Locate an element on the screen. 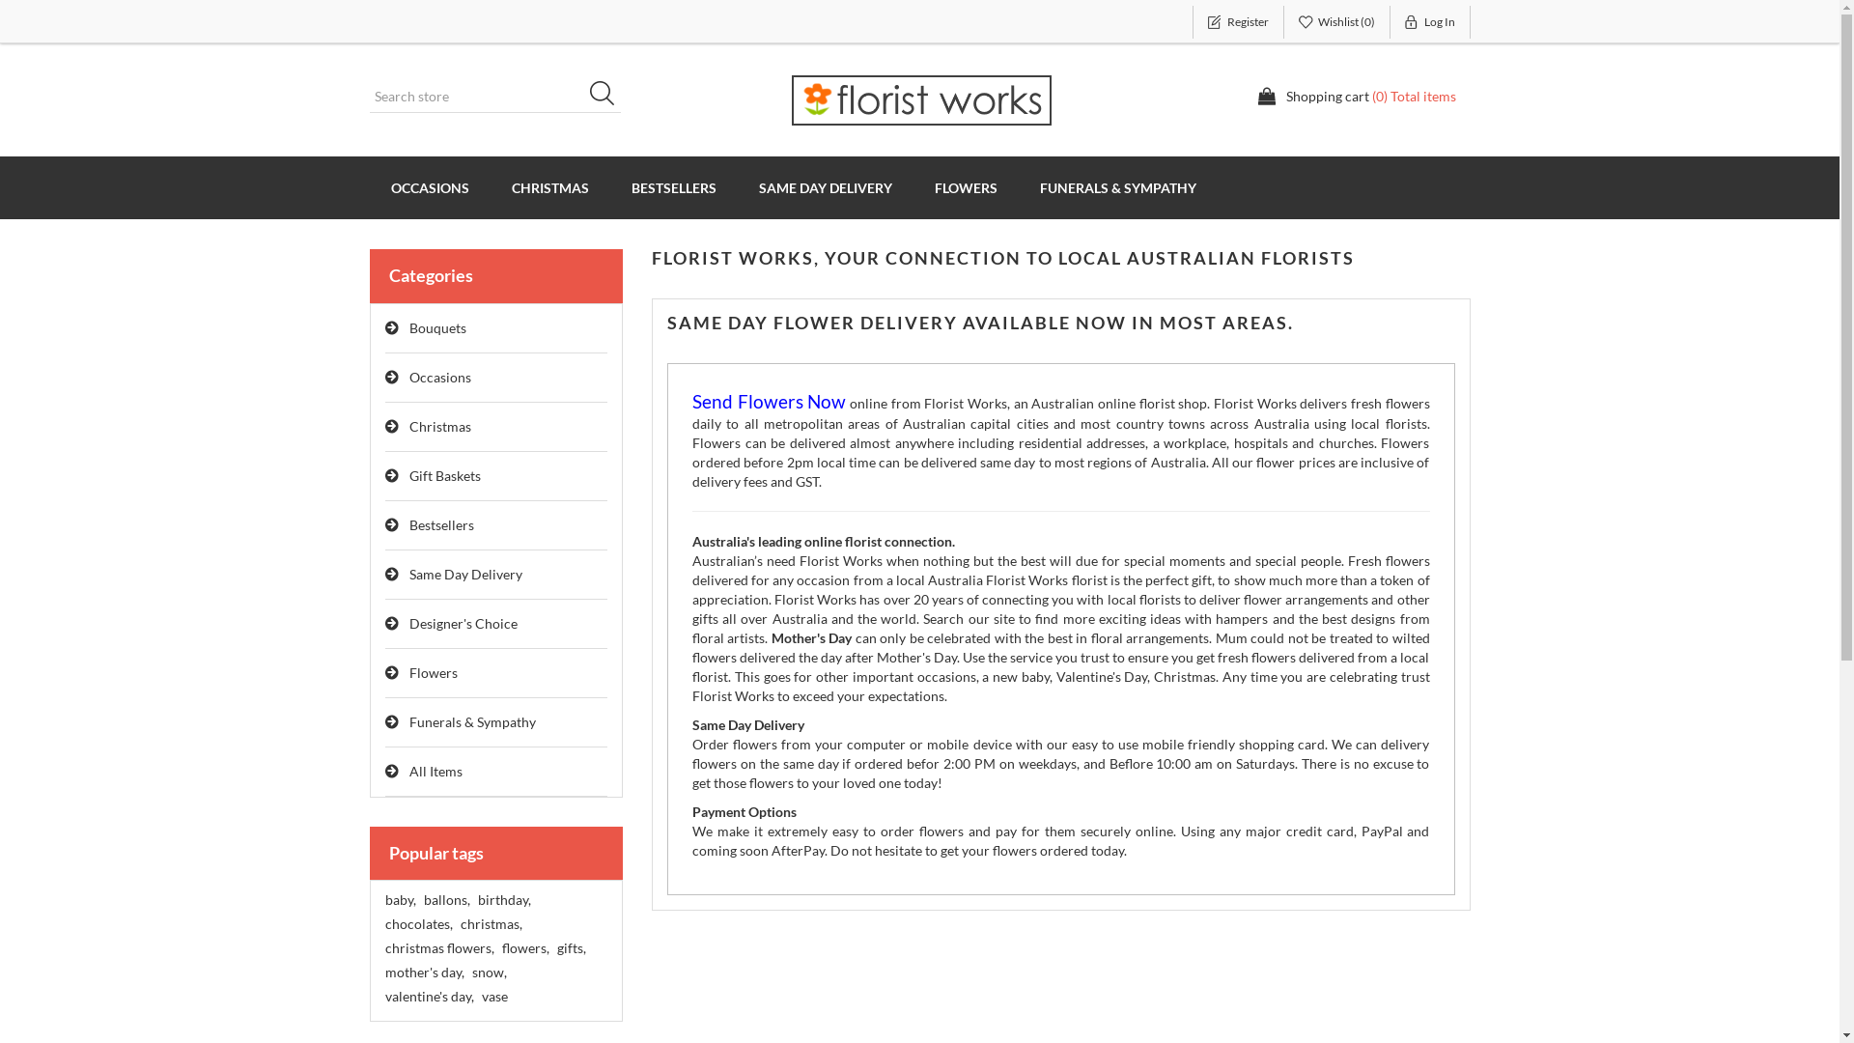 The width and height of the screenshot is (1854, 1043). 'valentine's day,' is located at coordinates (428, 997).